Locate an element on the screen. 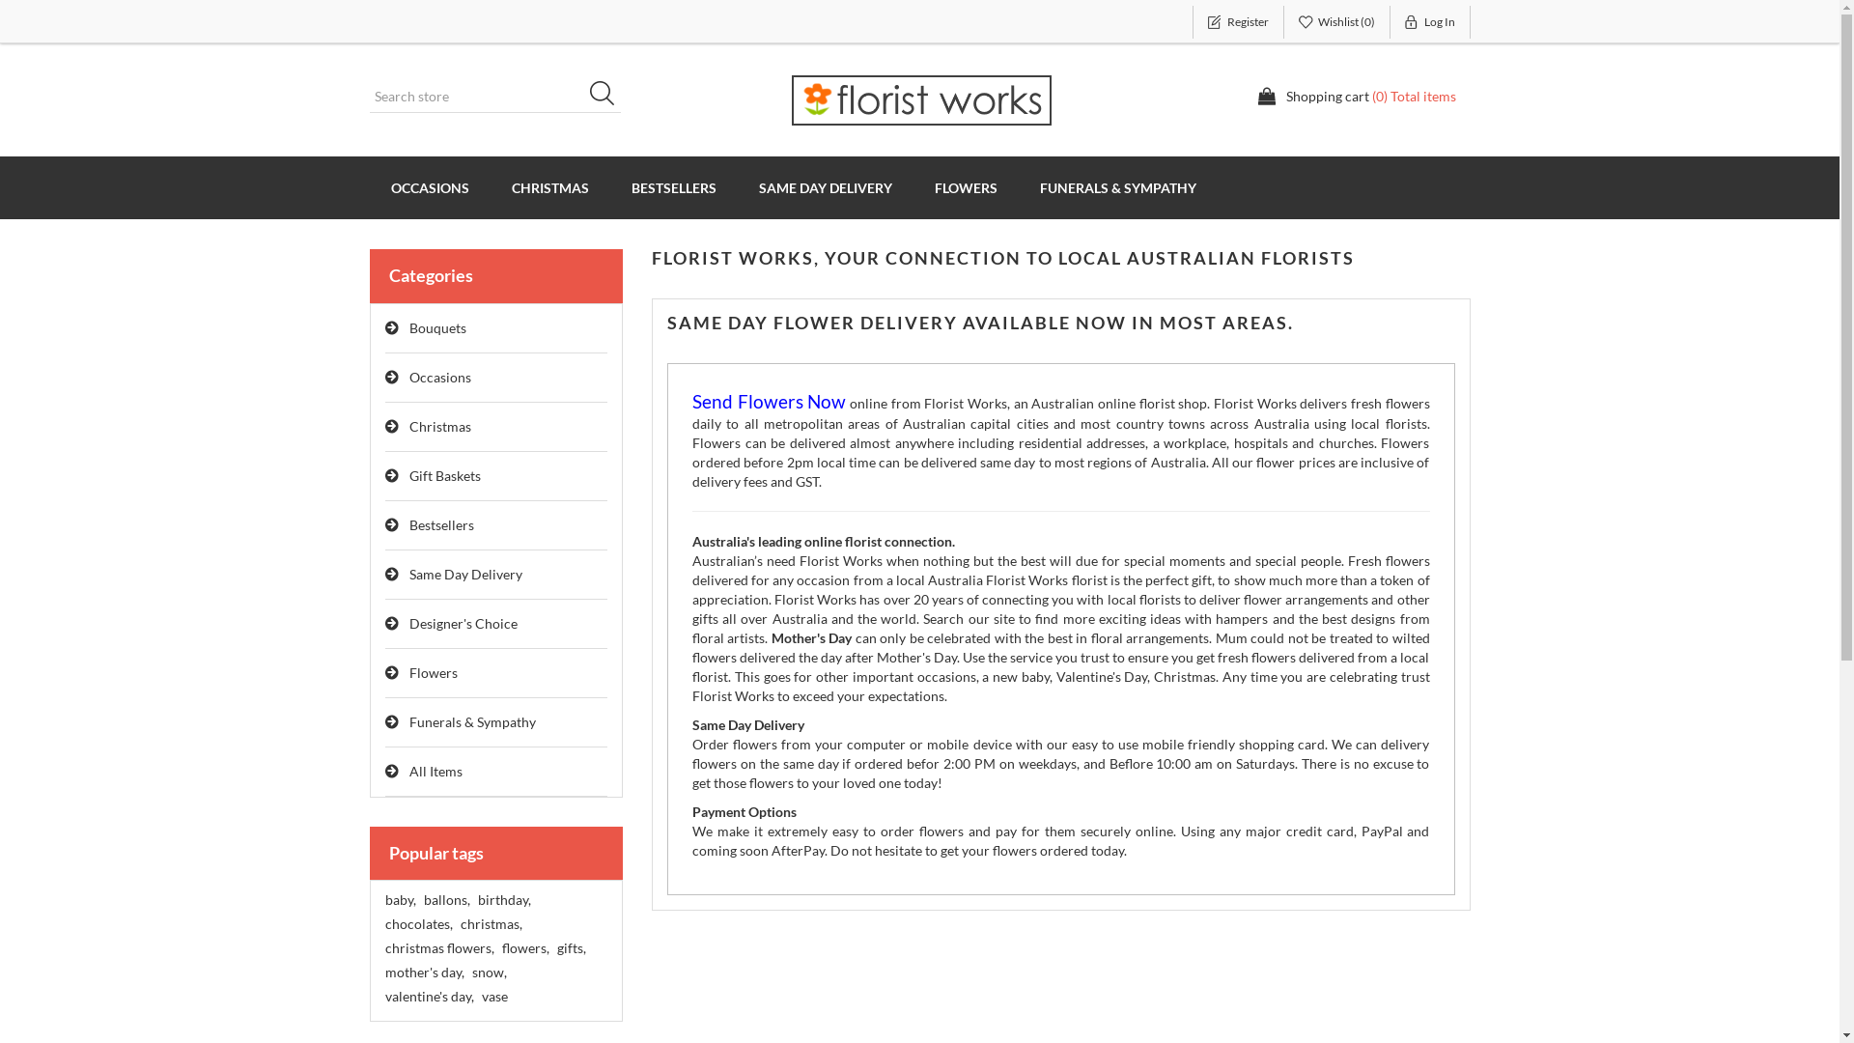 The width and height of the screenshot is (1854, 1043). 'valentine's day,' is located at coordinates (428, 997).